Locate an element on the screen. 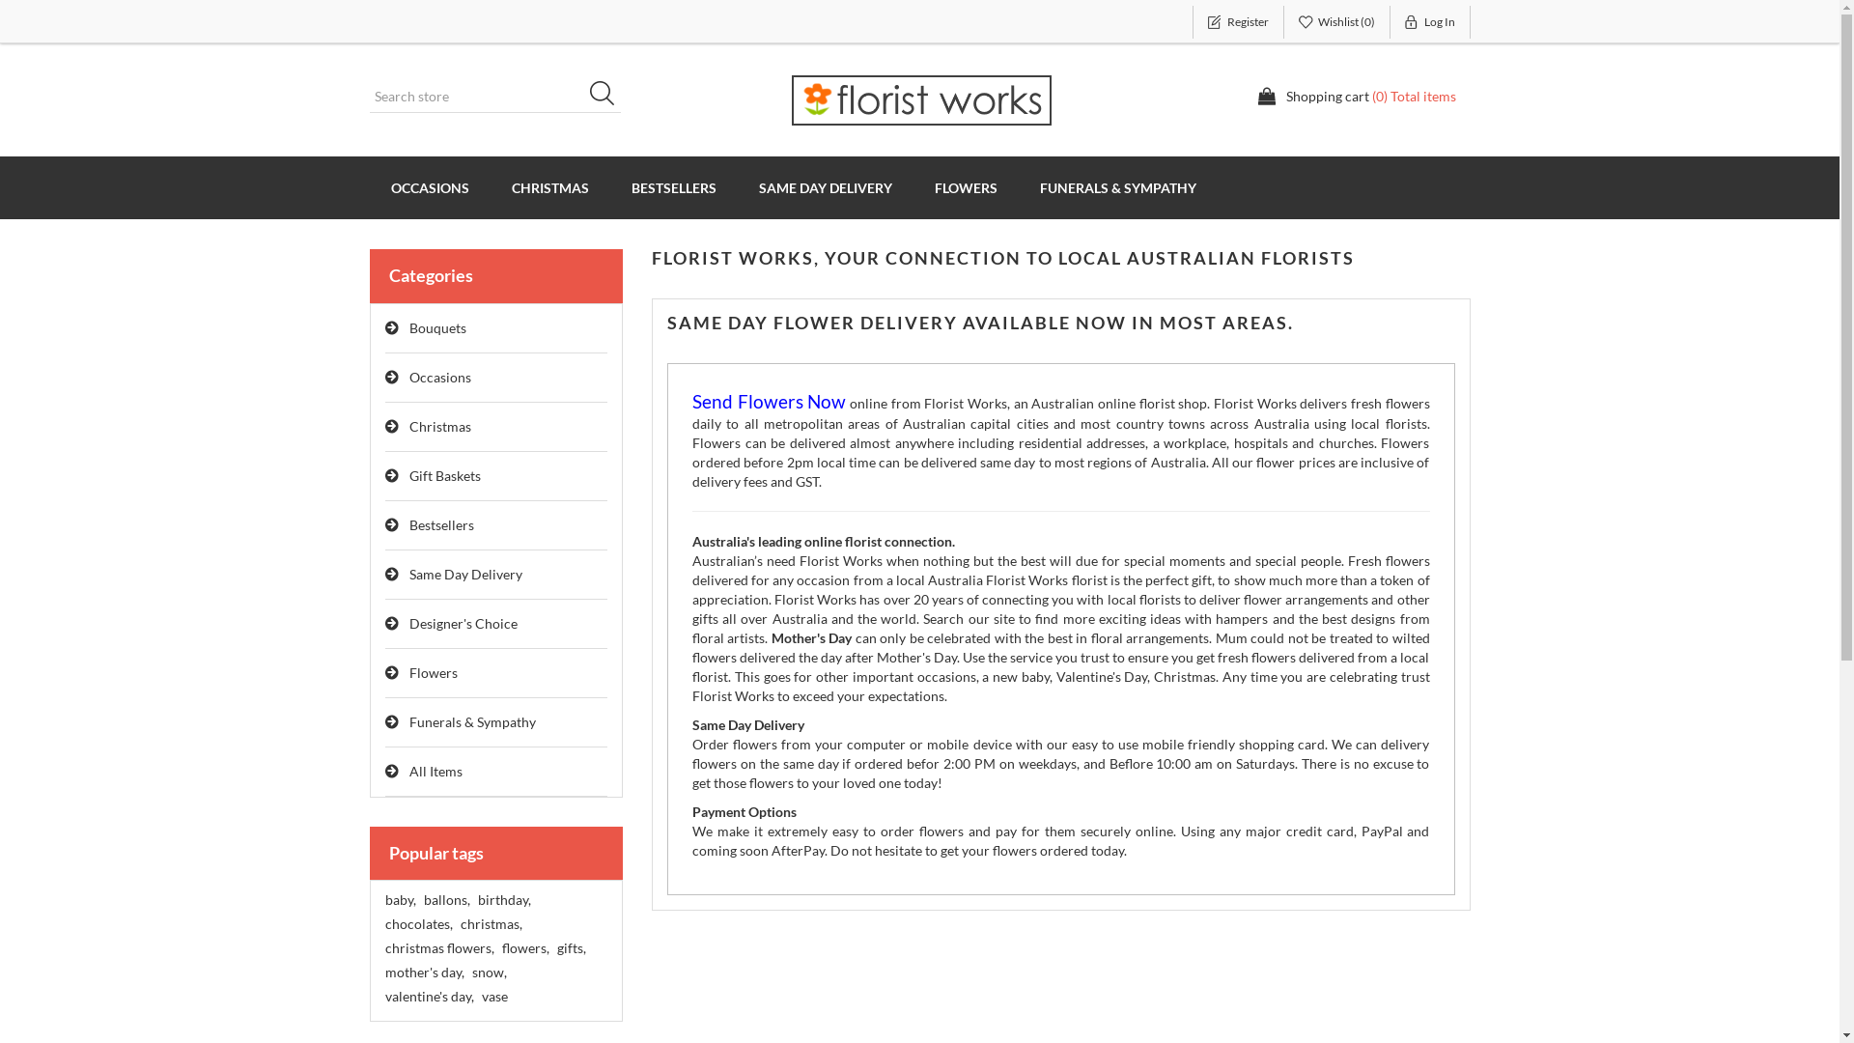 The width and height of the screenshot is (1854, 1043). 'valentine's day,' is located at coordinates (428, 997).